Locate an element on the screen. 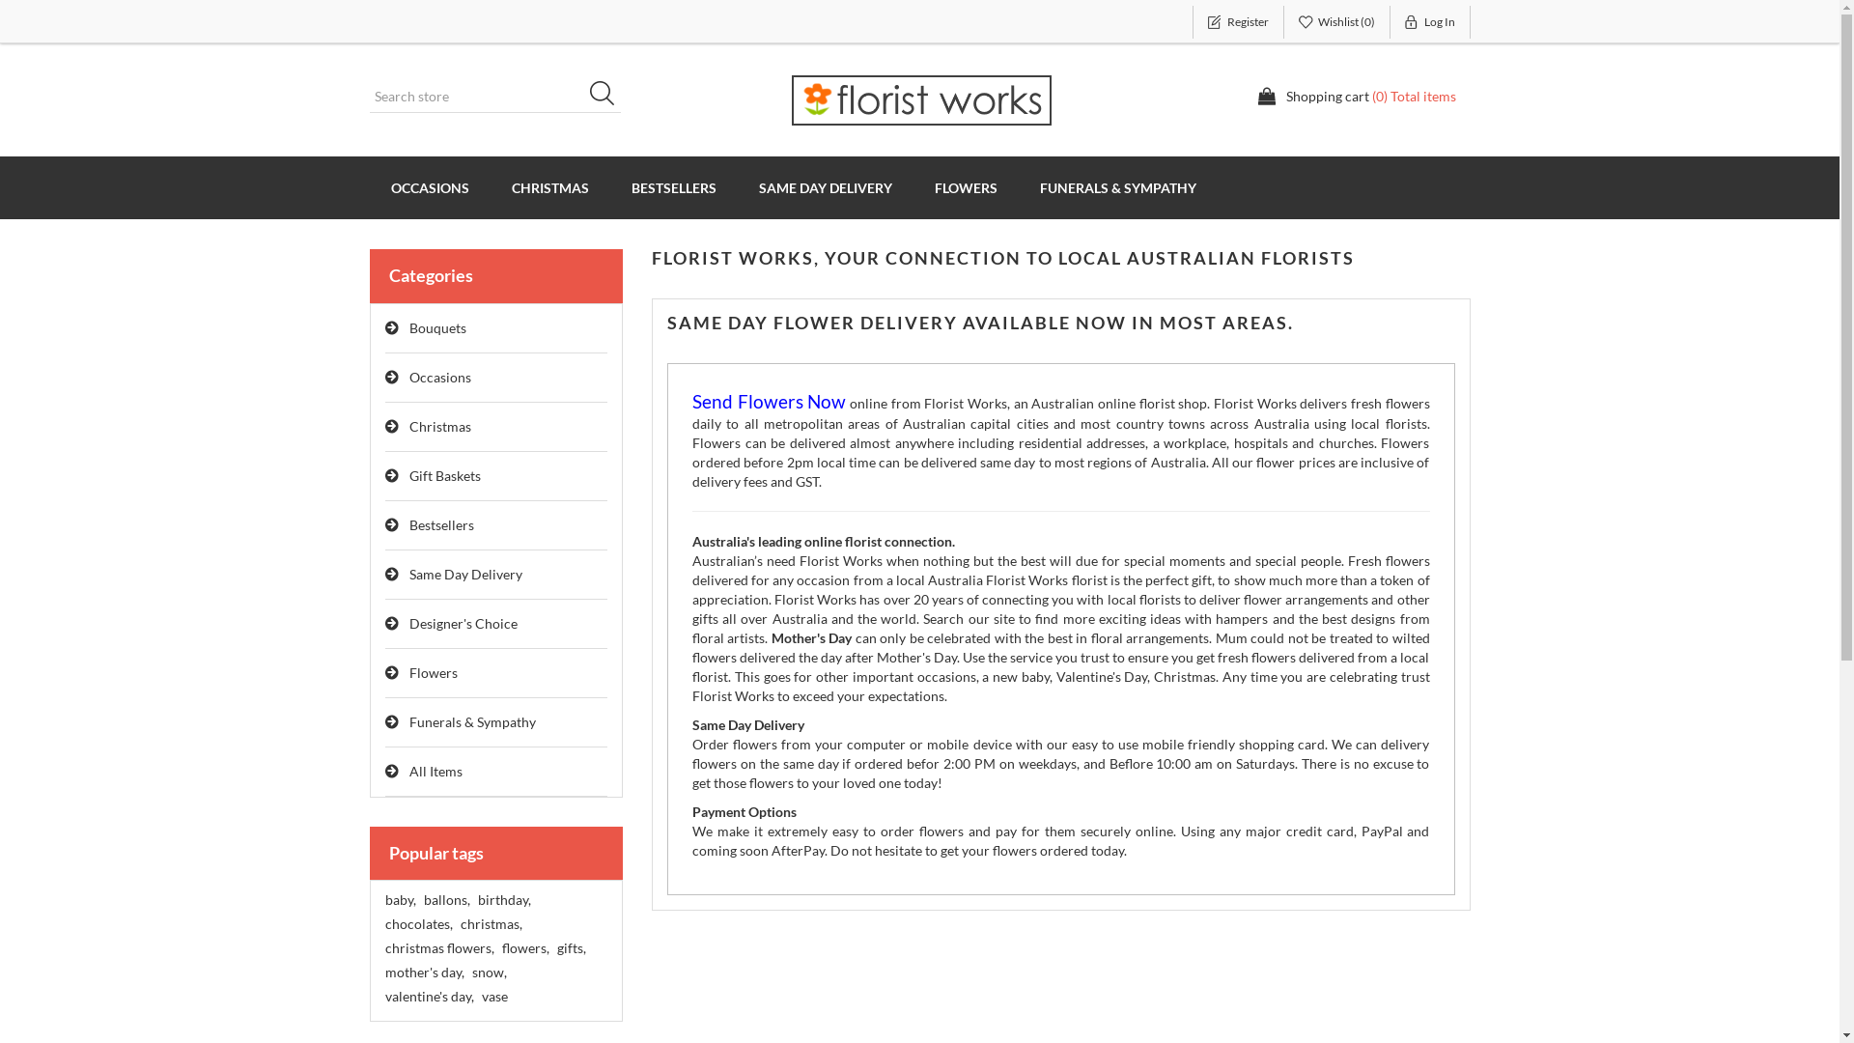 The width and height of the screenshot is (1854, 1043). 'valentine's day,' is located at coordinates (428, 997).